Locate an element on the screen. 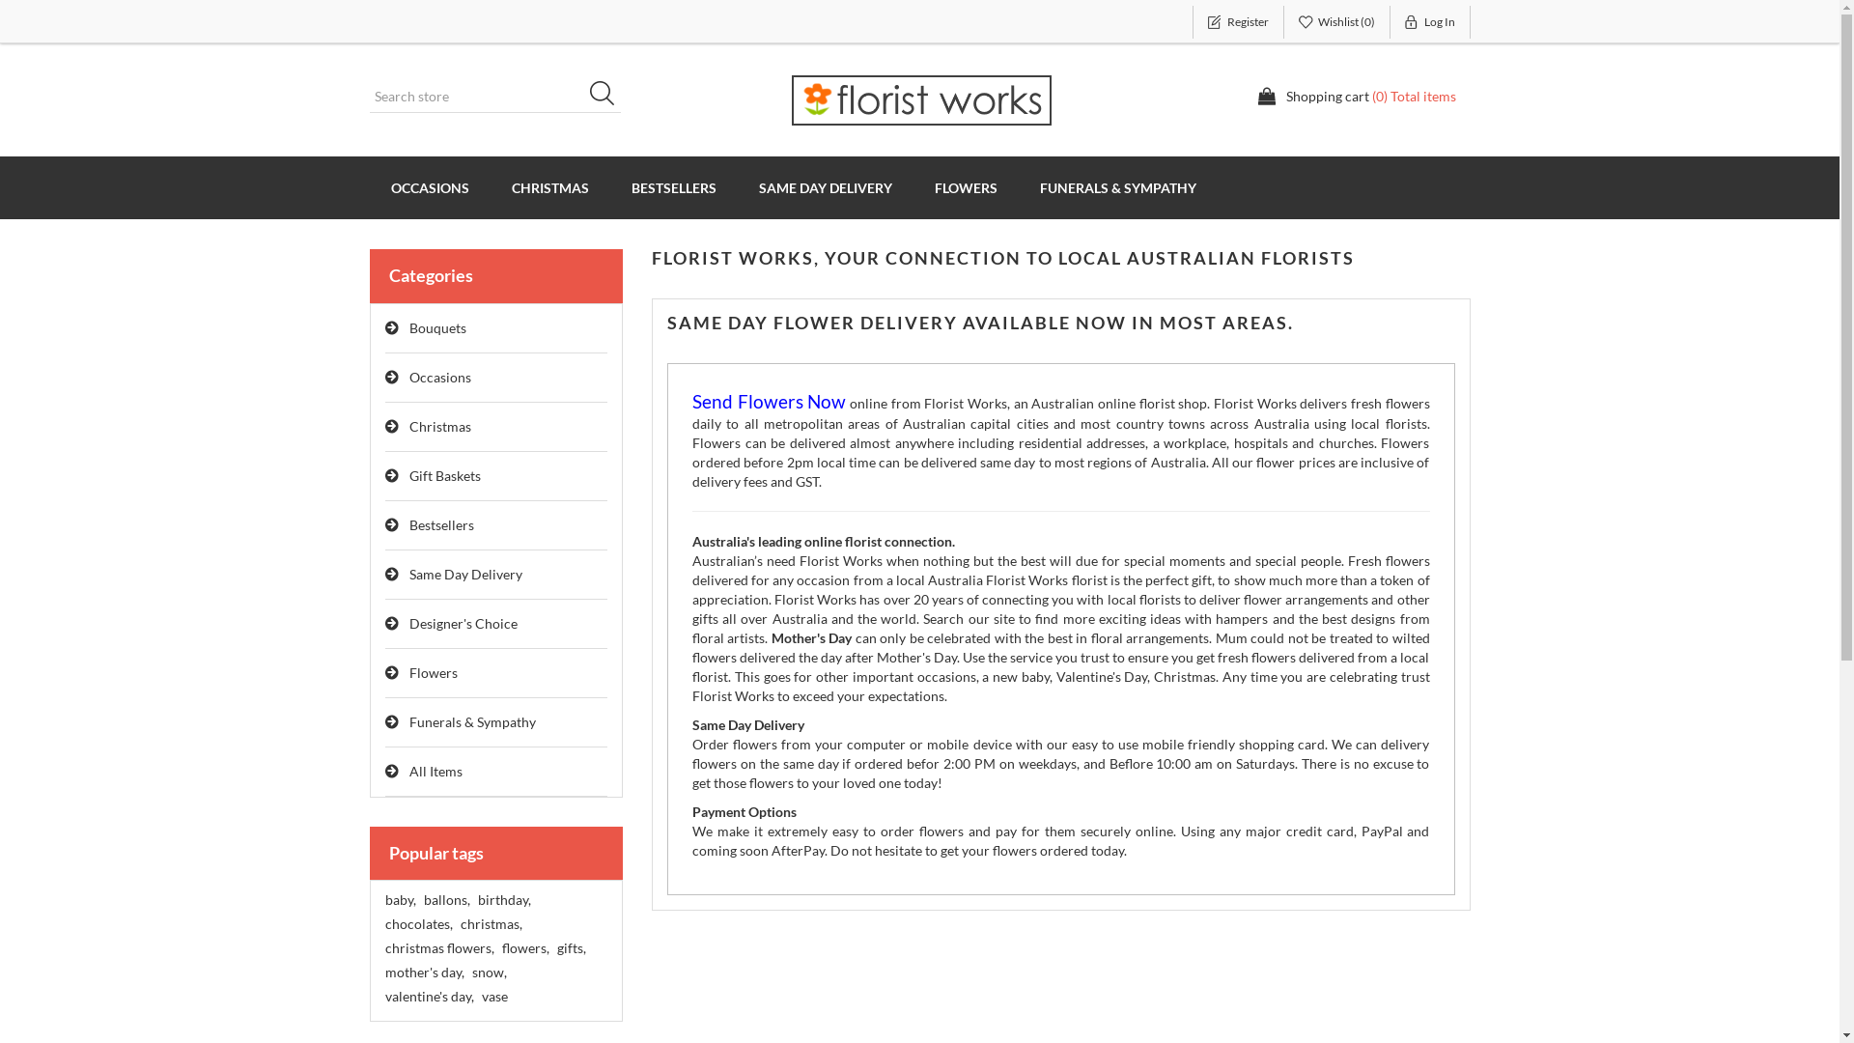 The width and height of the screenshot is (1854, 1043). 'valentine's day,' is located at coordinates (428, 997).